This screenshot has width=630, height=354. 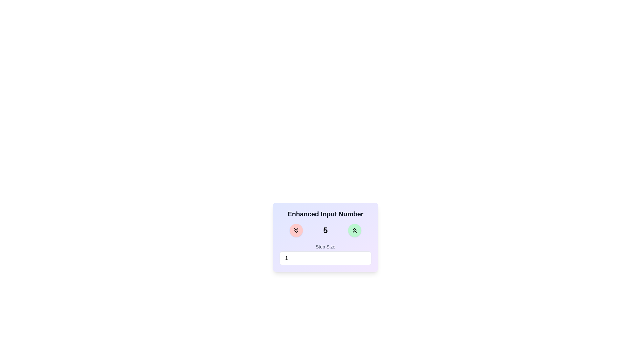 What do you see at coordinates (354, 230) in the screenshot?
I see `the increment button located to the right of the numeric value display that currently shows '5' to increase the value` at bounding box center [354, 230].